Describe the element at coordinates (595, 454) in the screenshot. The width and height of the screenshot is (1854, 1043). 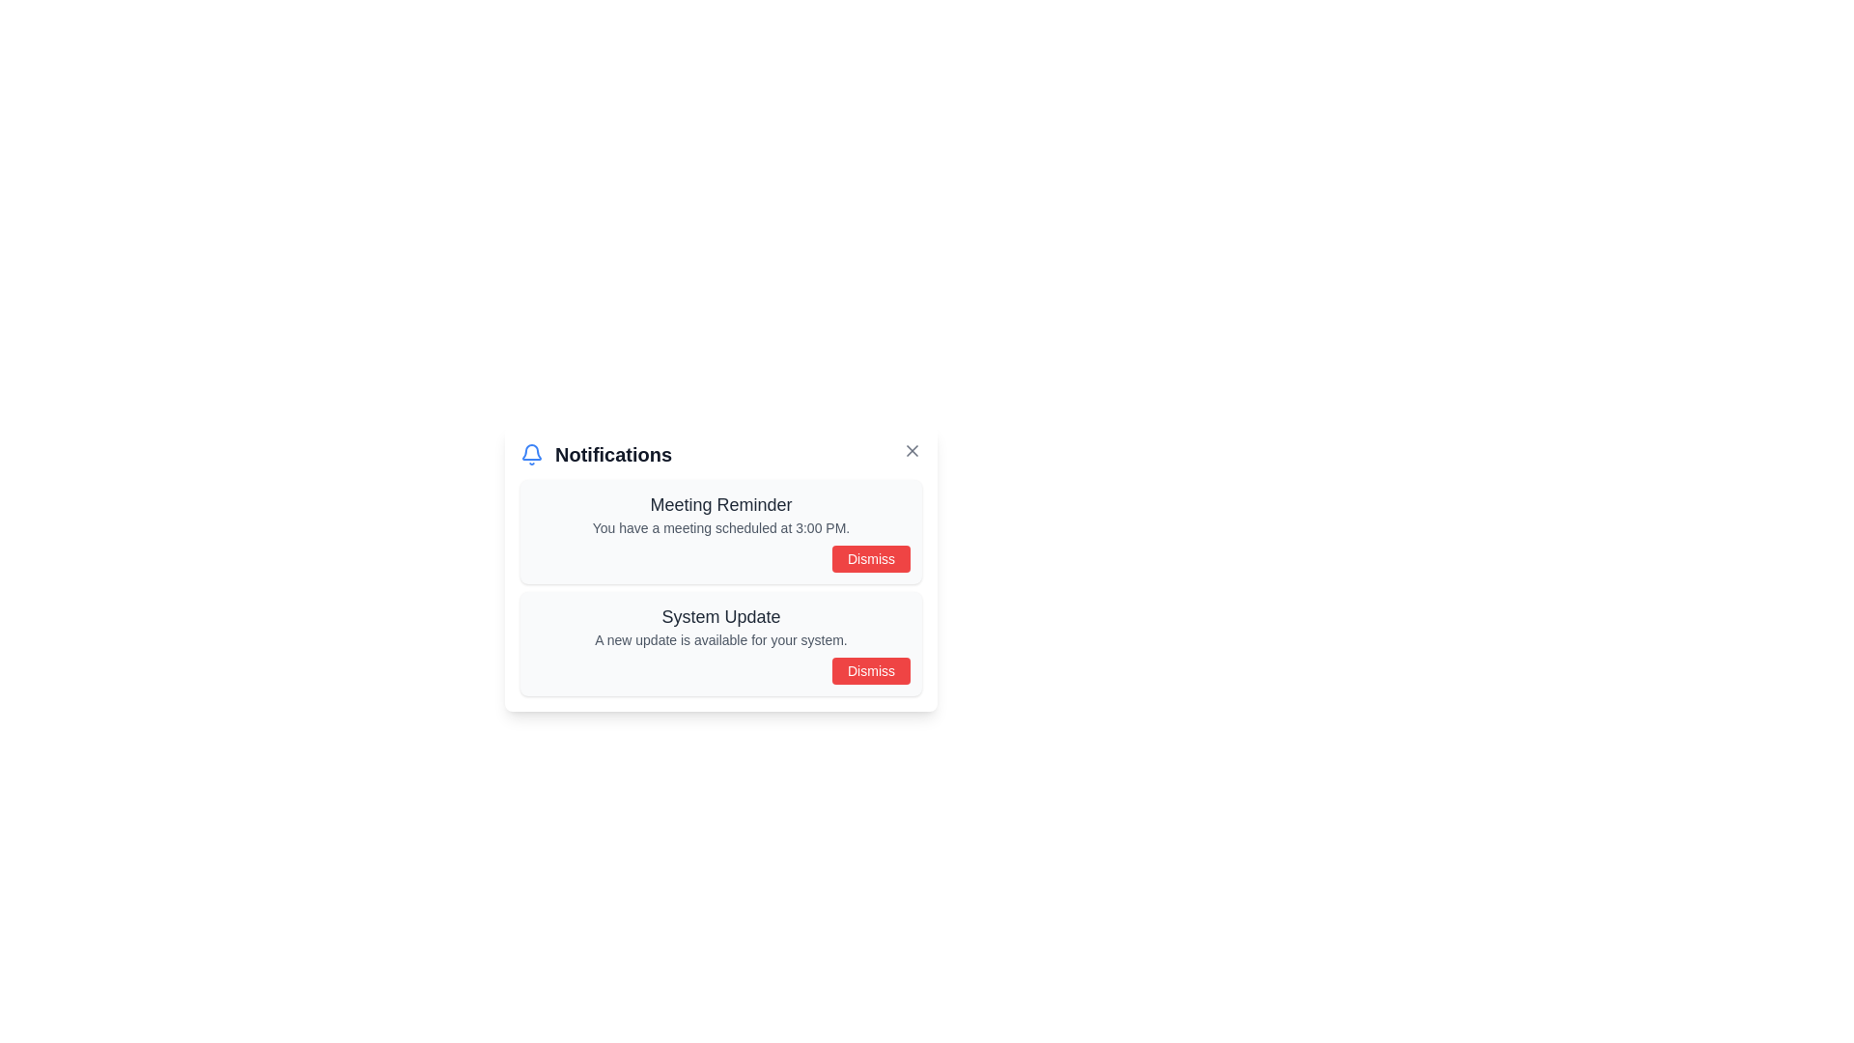
I see `the 'Notifications' label with the blue bell icon located in the top-left corner of the notification area` at that location.